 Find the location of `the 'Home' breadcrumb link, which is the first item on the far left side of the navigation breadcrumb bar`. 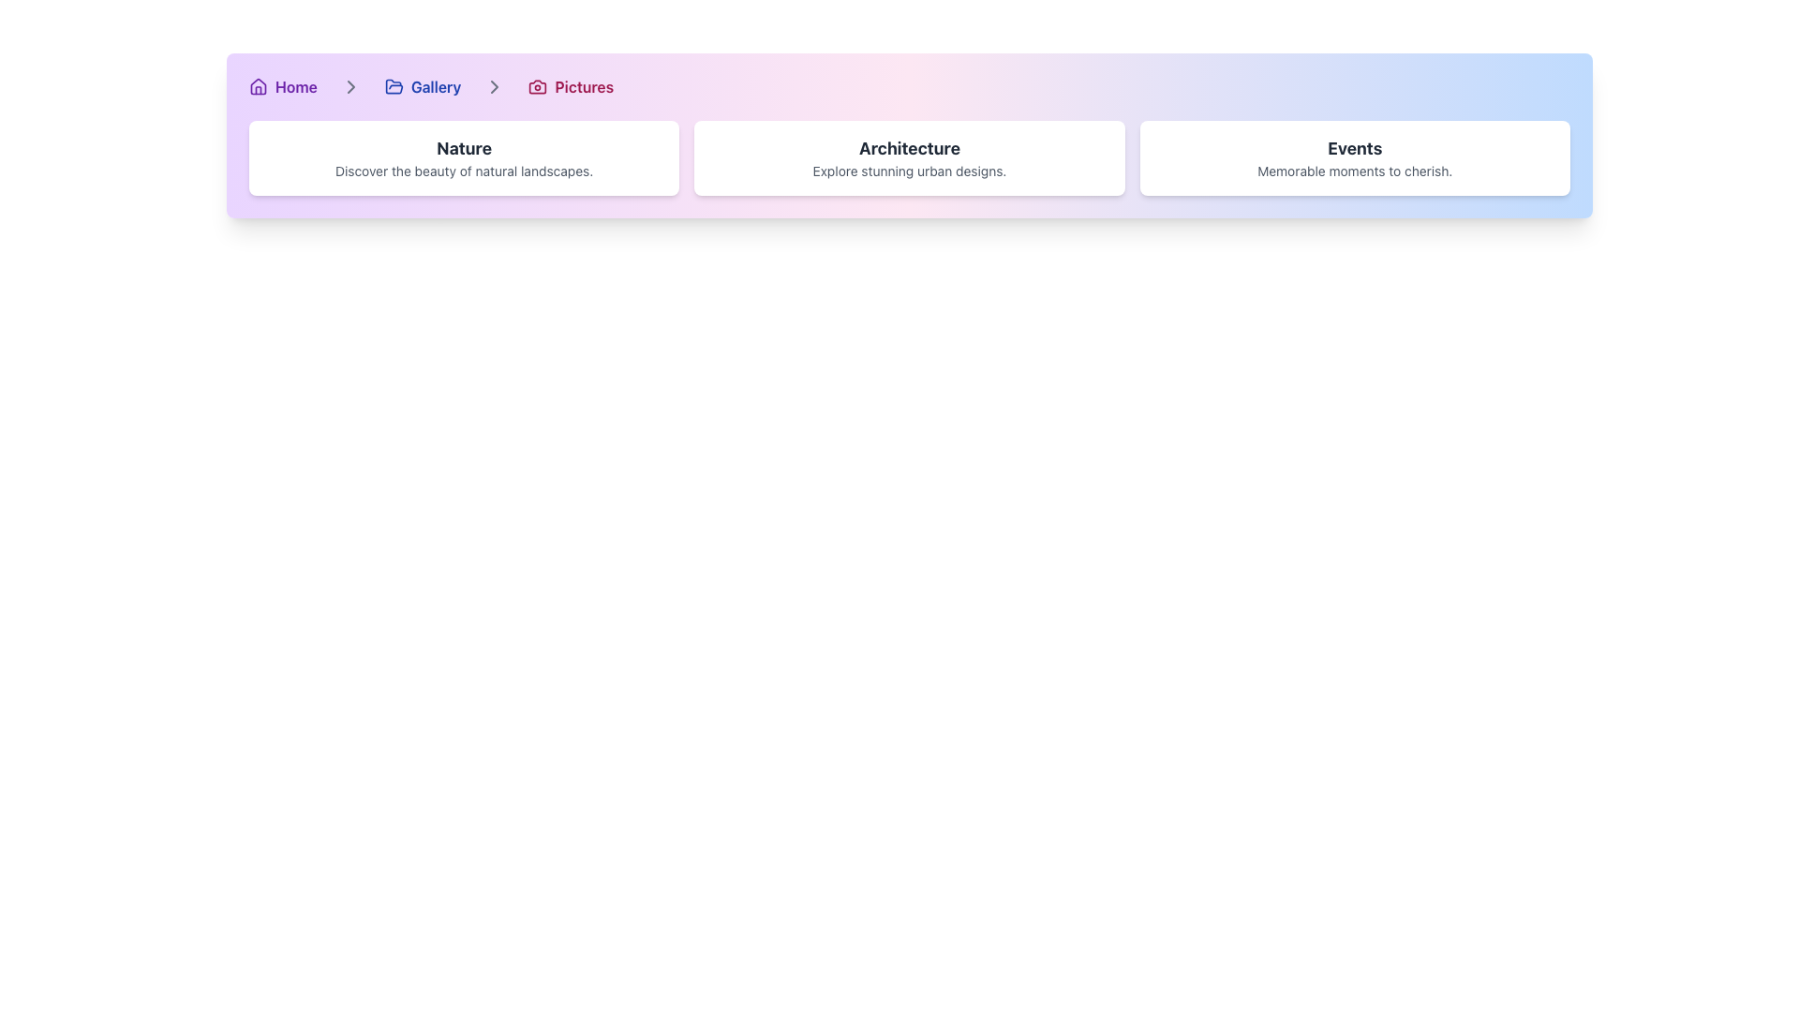

the 'Home' breadcrumb link, which is the first item on the far left side of the navigation breadcrumb bar is located at coordinates (282, 86).